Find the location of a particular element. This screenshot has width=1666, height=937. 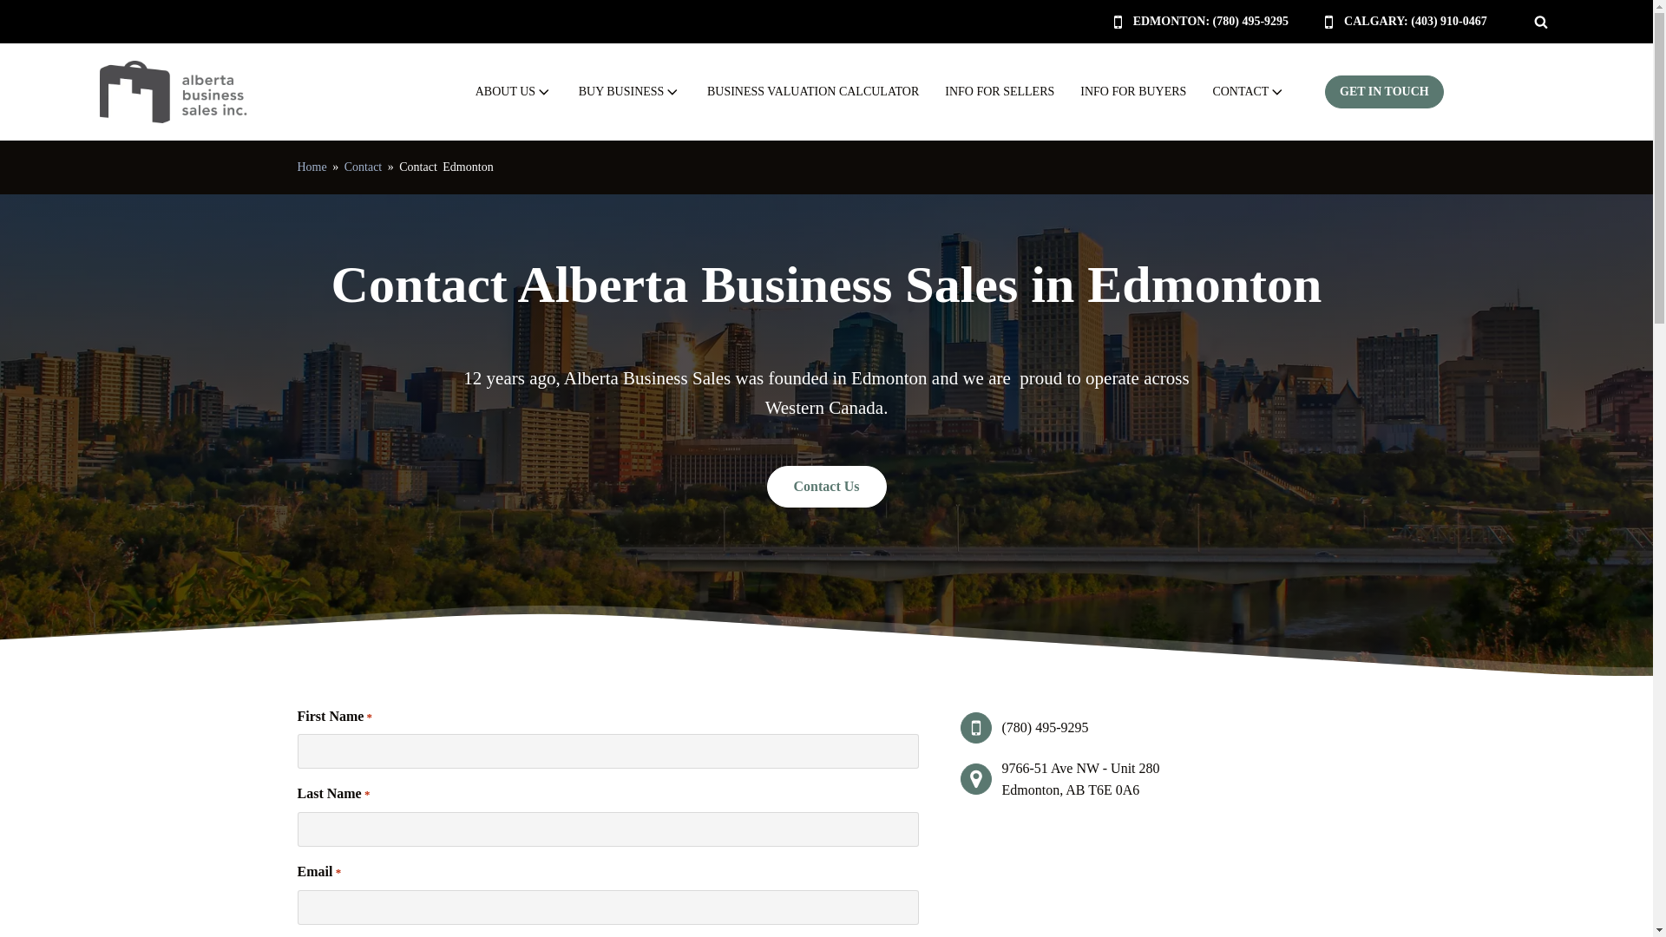

'Contact Us' is located at coordinates (826, 486).